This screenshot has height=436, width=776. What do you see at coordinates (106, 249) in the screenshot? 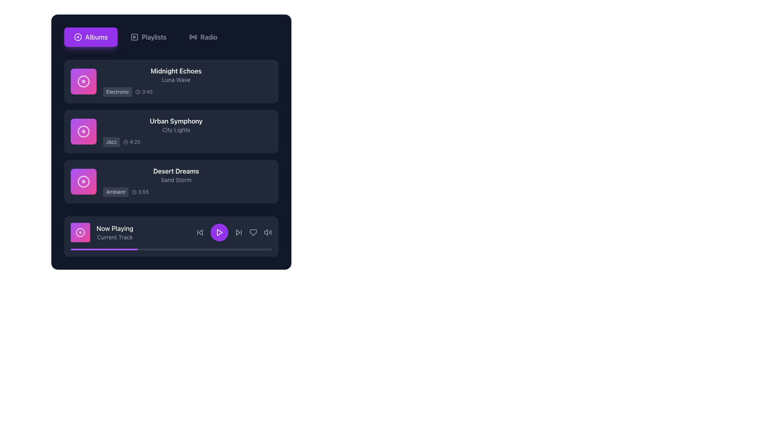
I see `the progress bar value` at bounding box center [106, 249].